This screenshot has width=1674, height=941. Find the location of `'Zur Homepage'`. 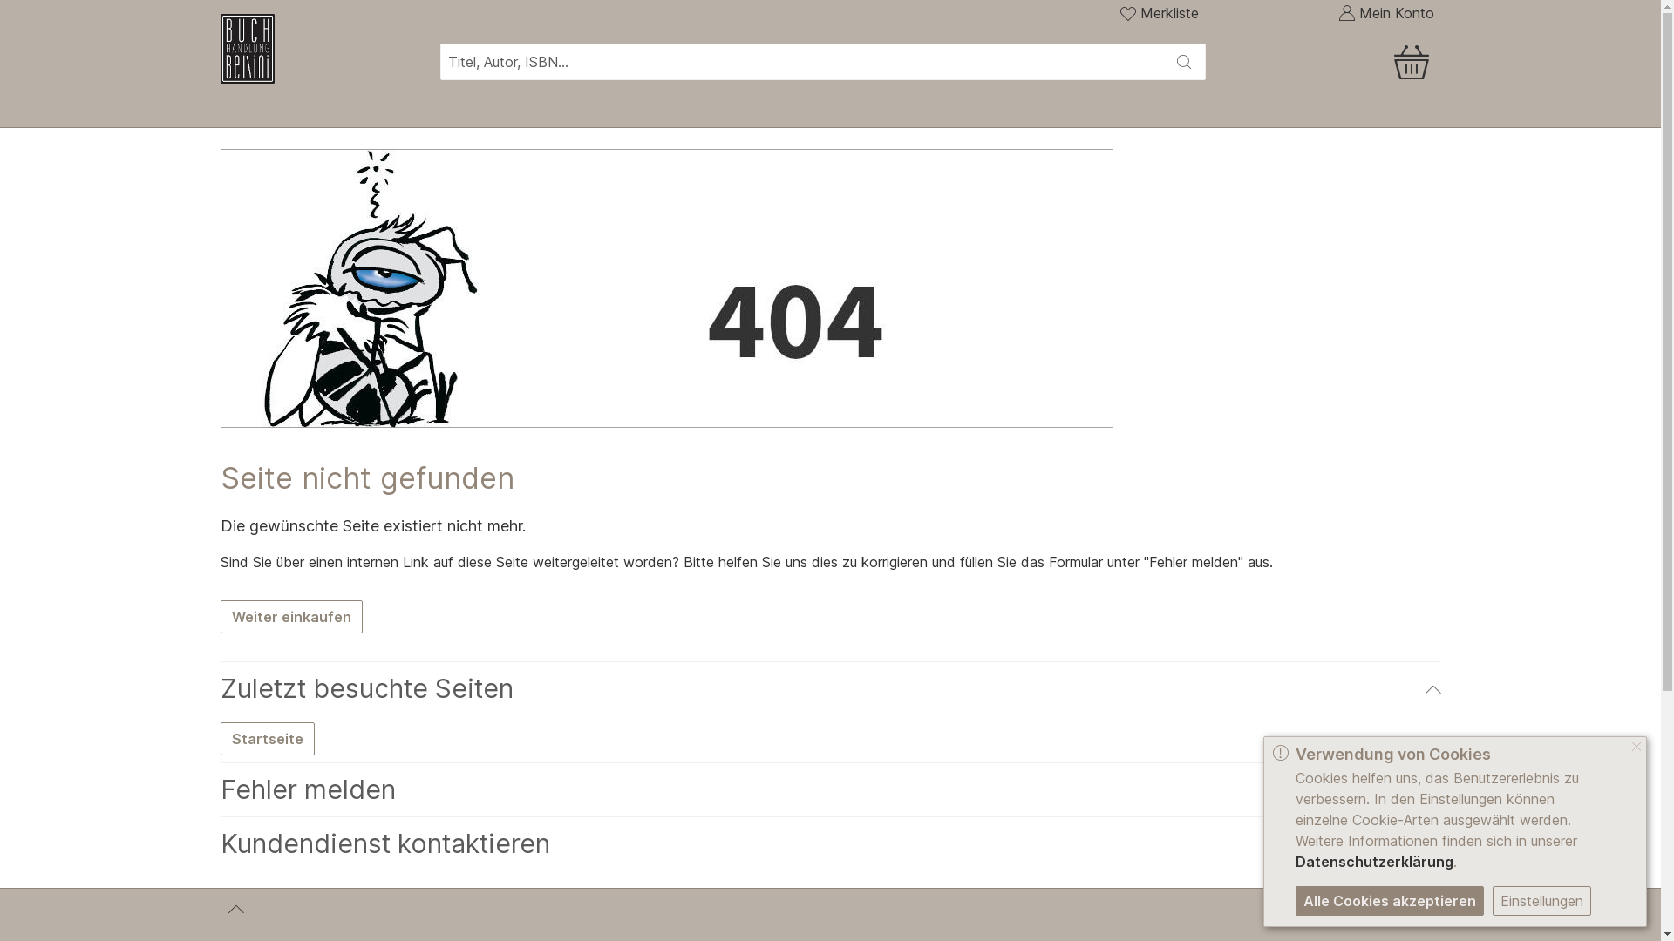

'Zur Homepage' is located at coordinates (312, 48).